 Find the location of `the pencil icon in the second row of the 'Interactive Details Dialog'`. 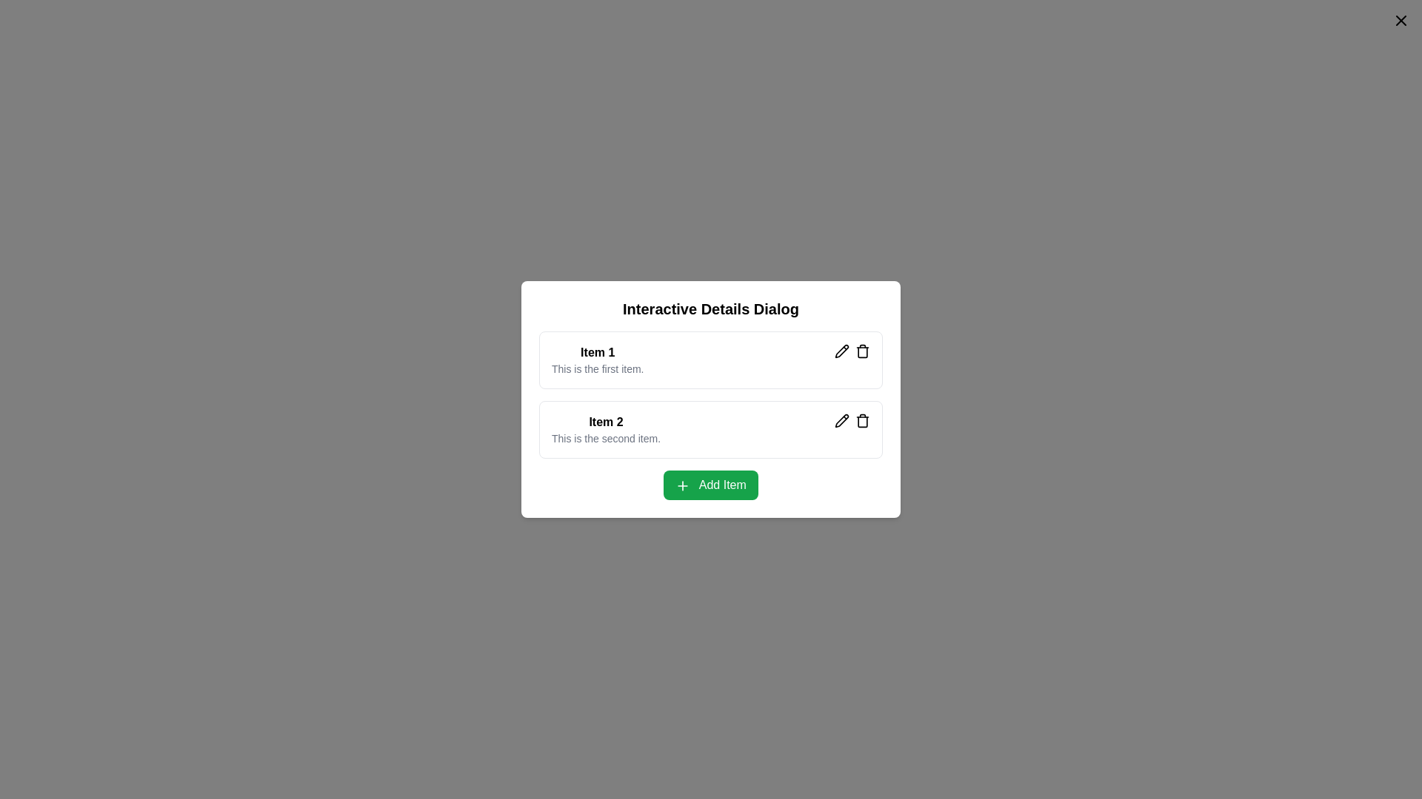

the pencil icon in the second row of the 'Interactive Details Dialog' is located at coordinates (842, 351).